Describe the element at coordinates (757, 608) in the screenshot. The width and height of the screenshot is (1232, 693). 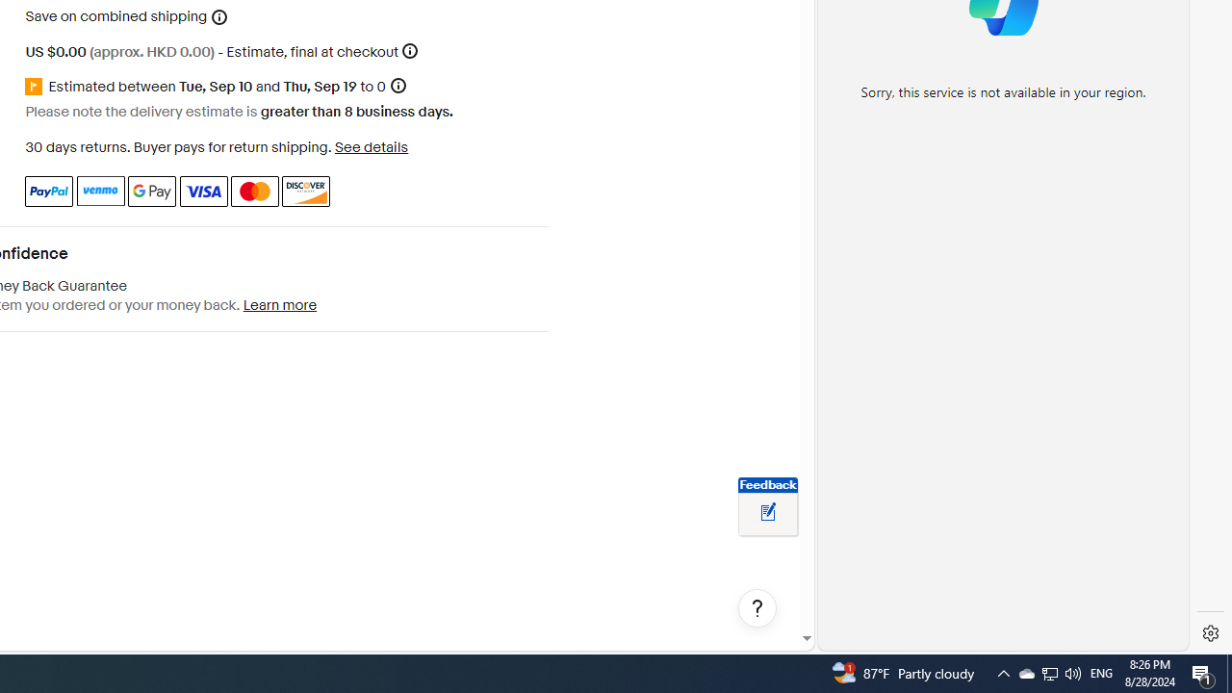
I see `'Help, opens dialogs'` at that location.